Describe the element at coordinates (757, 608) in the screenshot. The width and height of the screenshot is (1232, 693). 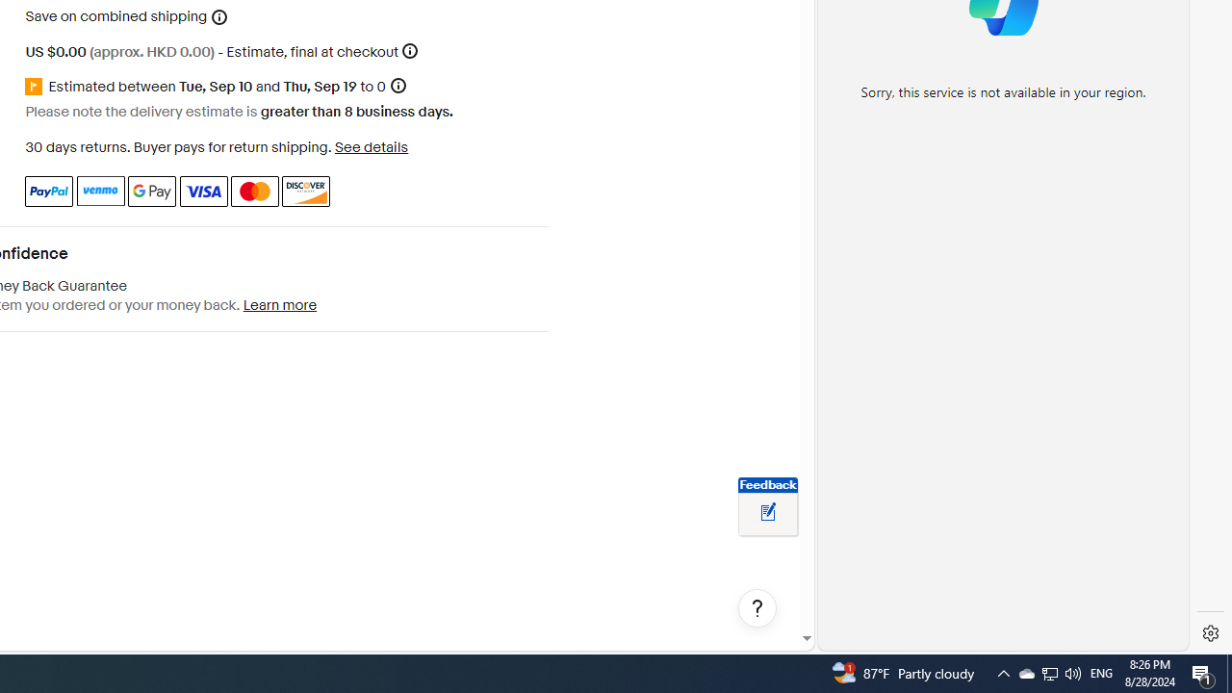
I see `'Help, opens dialogs'` at that location.